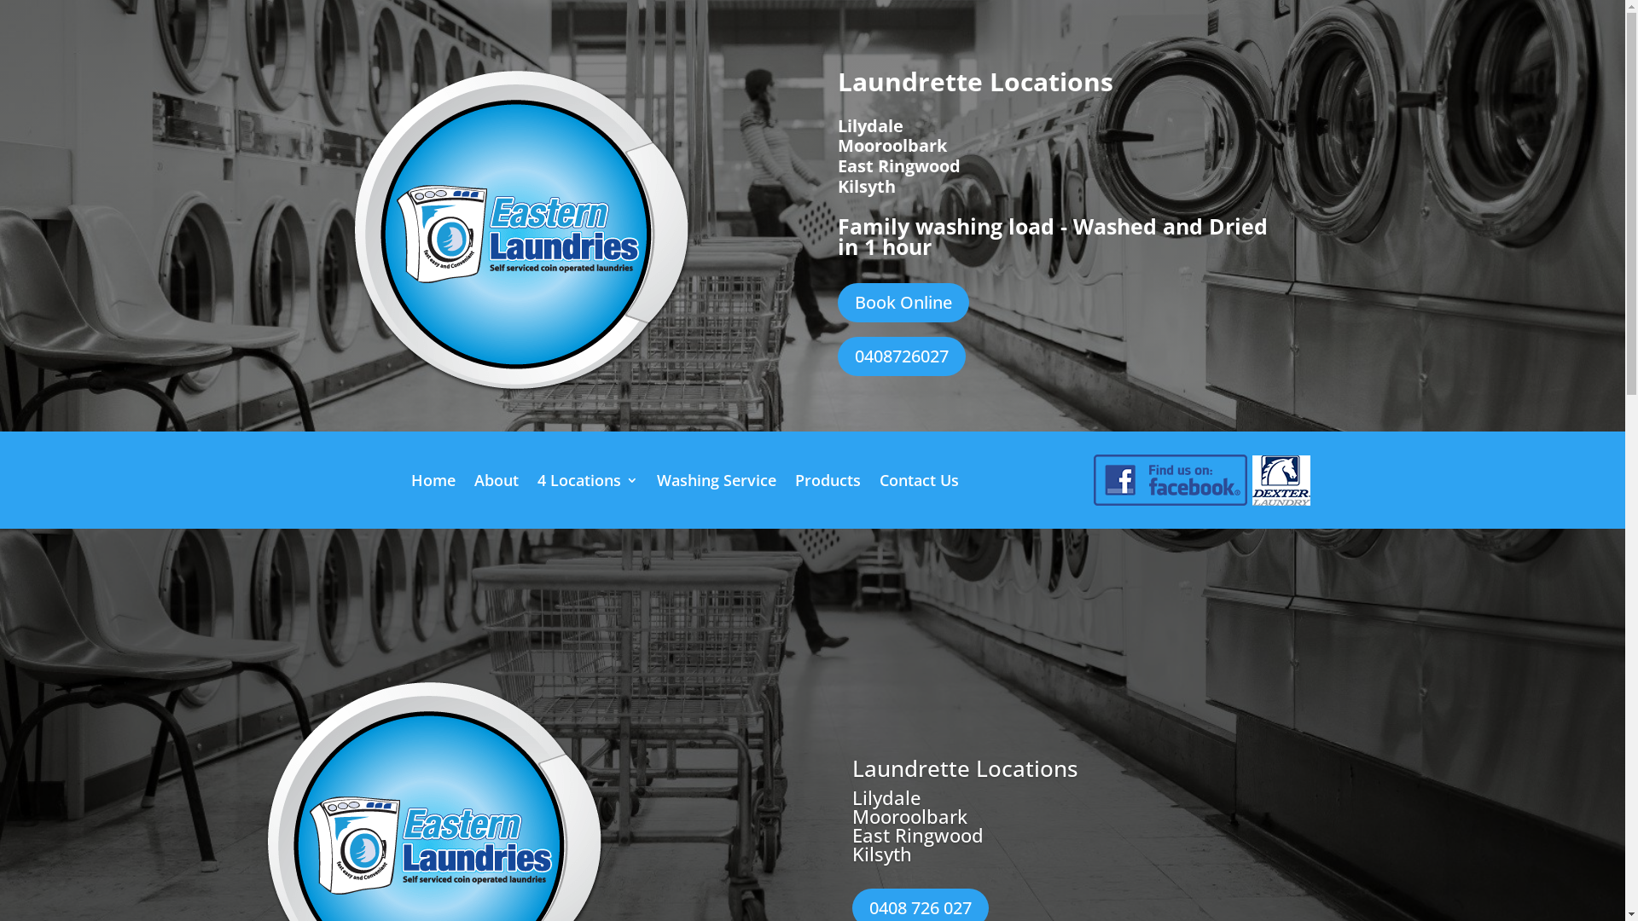 The height and width of the screenshot is (921, 1638). What do you see at coordinates (903, 301) in the screenshot?
I see `'Book Online'` at bounding box center [903, 301].